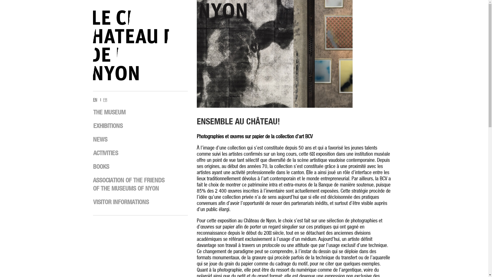 This screenshot has height=277, width=492. What do you see at coordinates (121, 201) in the screenshot?
I see `'VISITOR INFORMATIONS'` at bounding box center [121, 201].